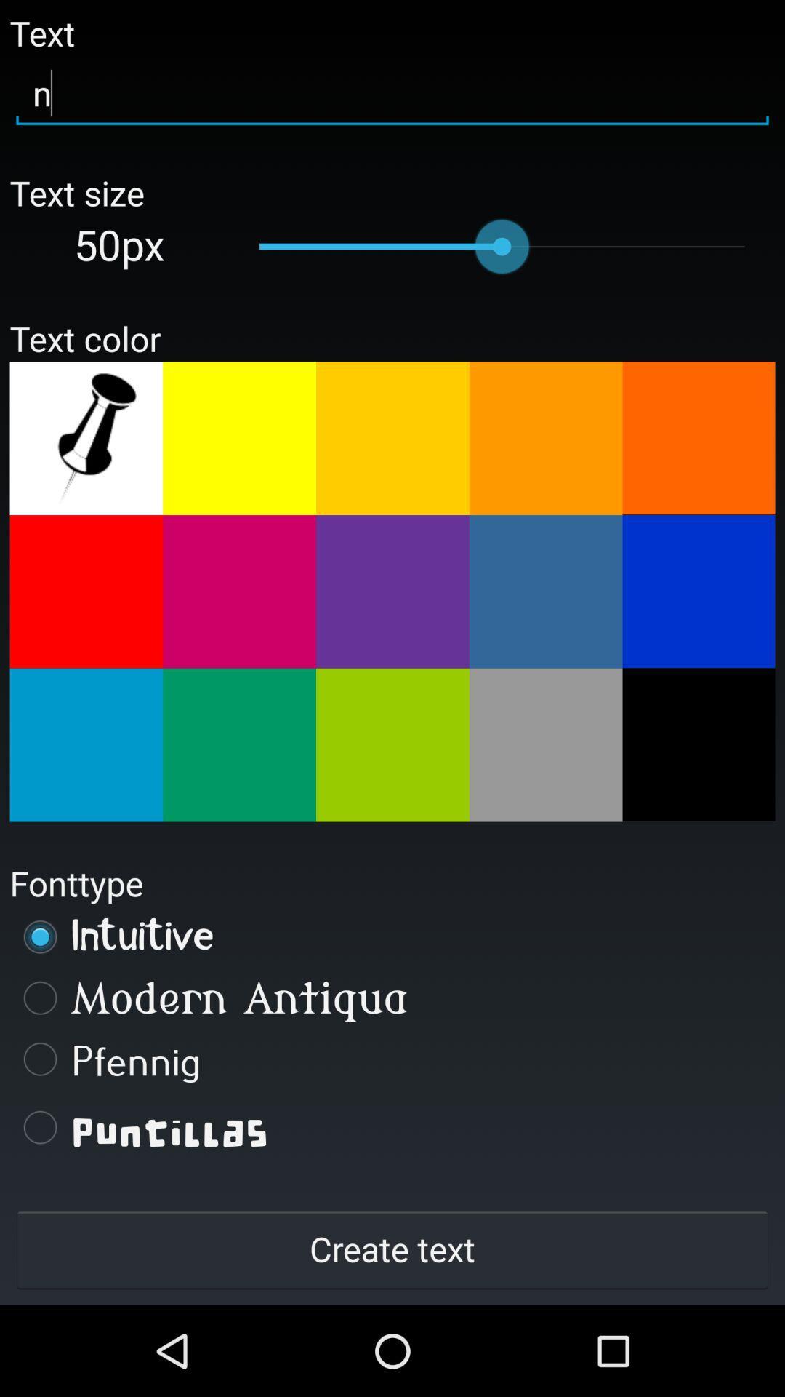 Image resolution: width=785 pixels, height=1397 pixels. I want to click on text color black, so click(698, 744).